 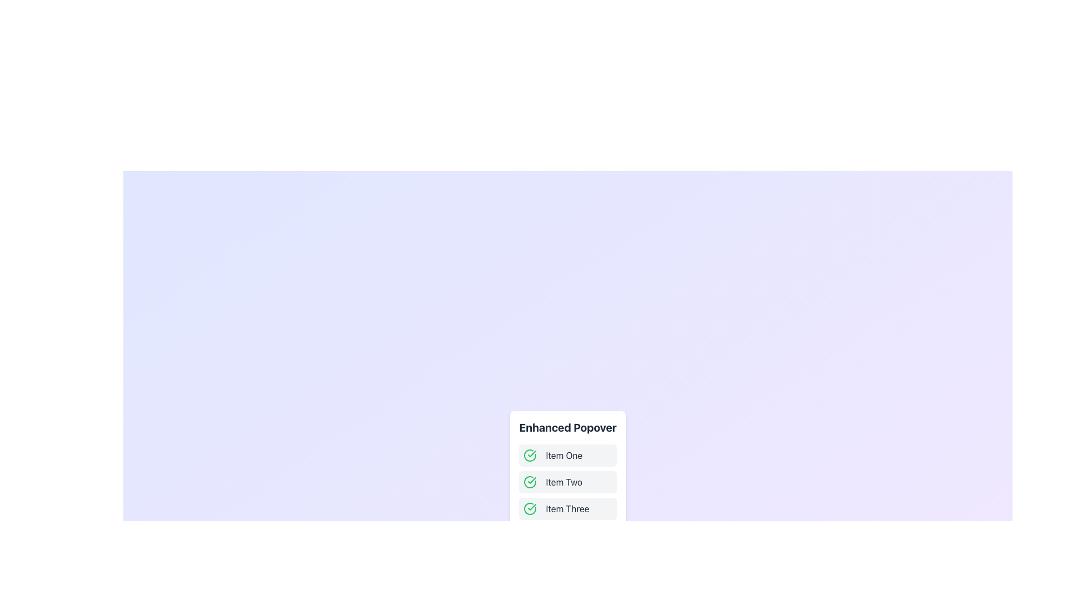 I want to click on the second list item labeled 'Item Two' under the 'Enhanced Popover' heading, so click(x=568, y=481).